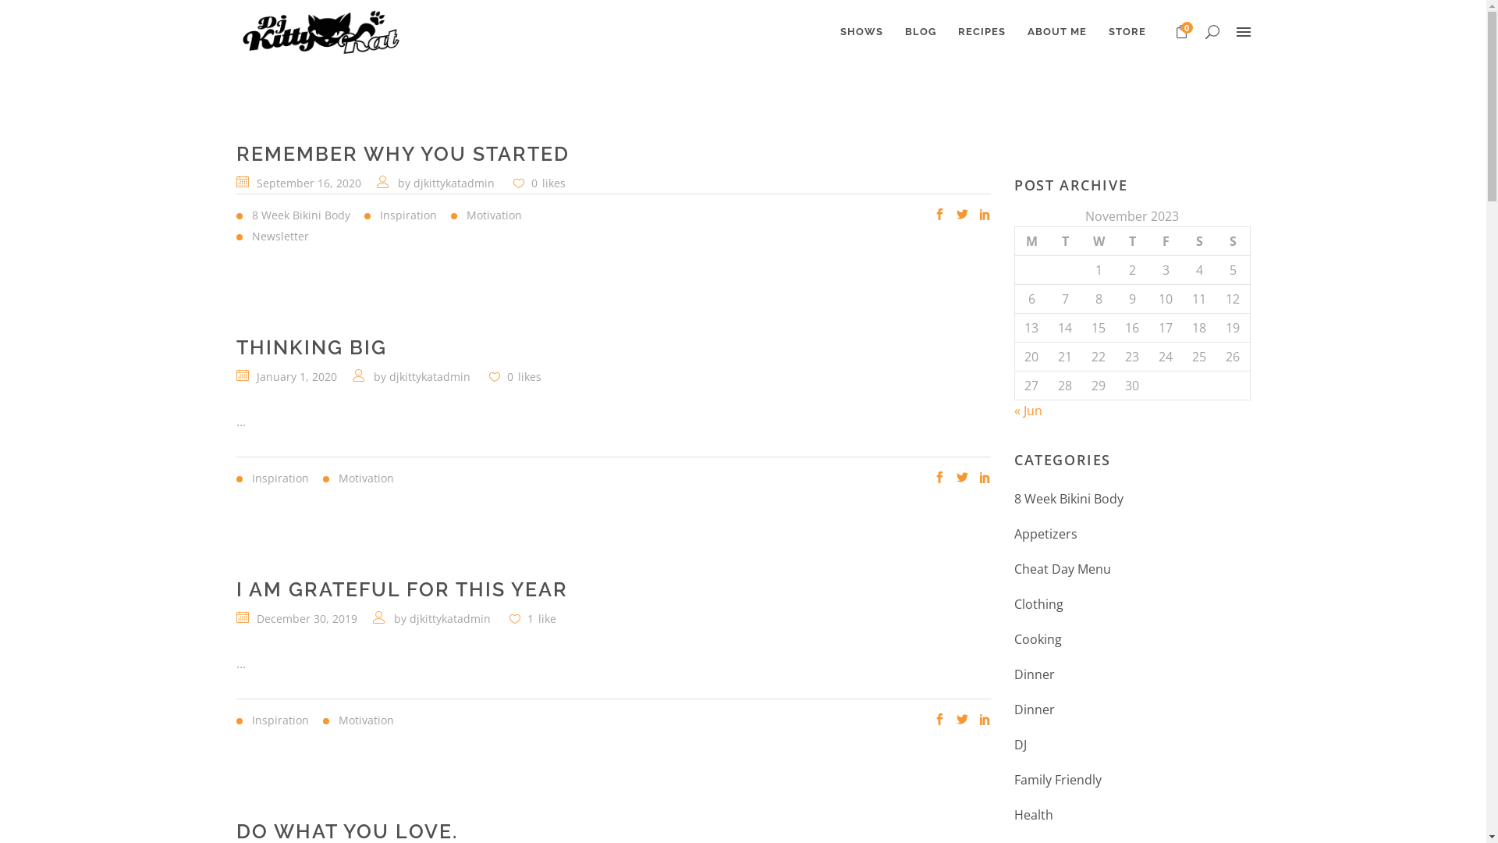 The image size is (1498, 843). I want to click on 'Health', so click(1033, 814).